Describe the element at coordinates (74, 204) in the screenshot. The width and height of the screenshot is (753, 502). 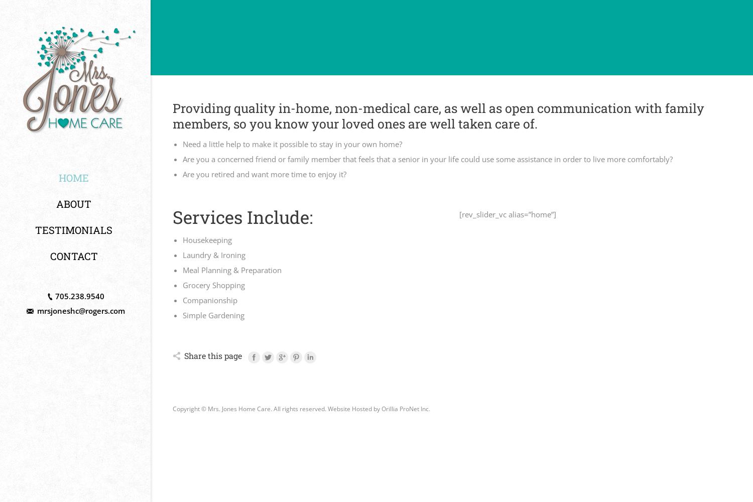
I see `'About'` at that location.